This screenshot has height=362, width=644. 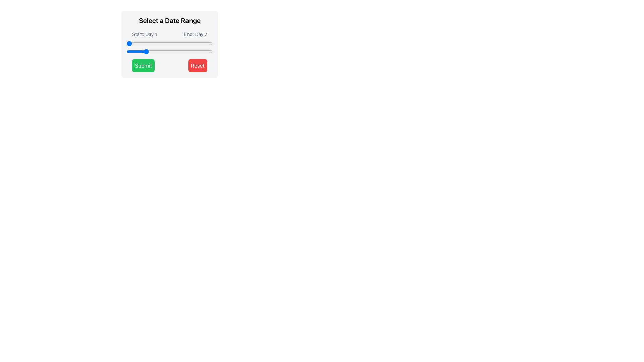 I want to click on text displayed in the Text Label that reads 'End: Day 7', located in the upper-right portion of the 'Select a Date Range' section, so click(x=195, y=34).